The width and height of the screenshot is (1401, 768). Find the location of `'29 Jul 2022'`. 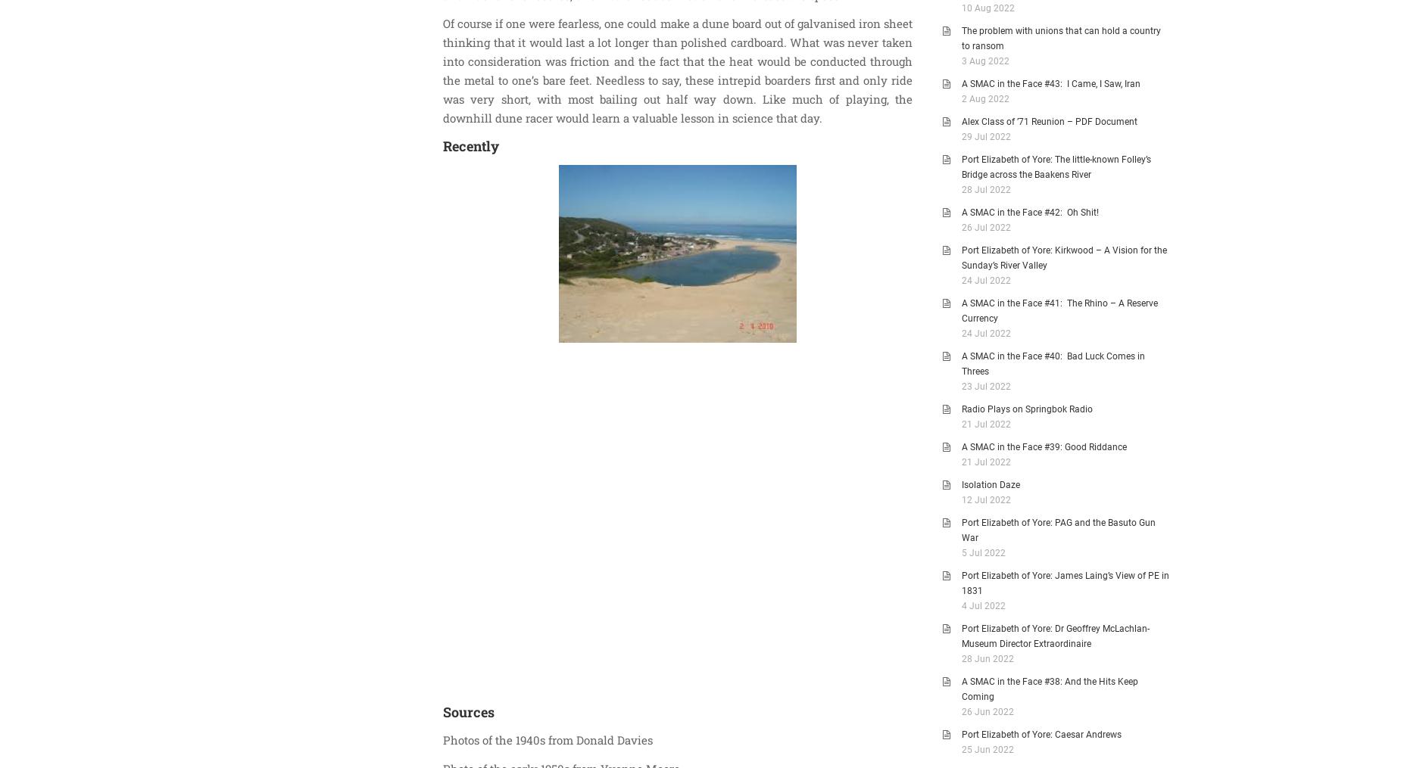

'29 Jul 2022' is located at coordinates (985, 135).